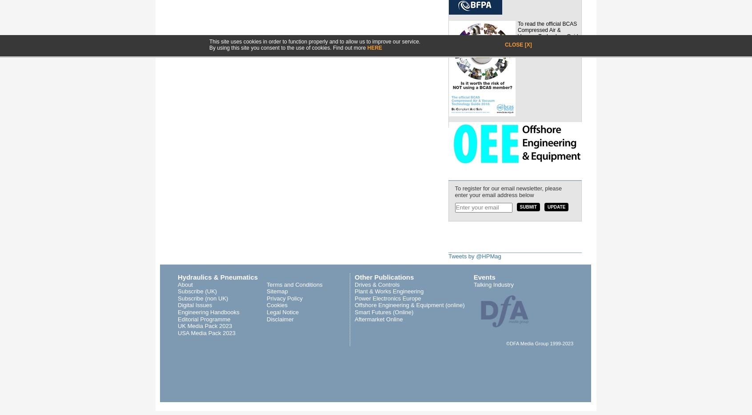  Describe the element at coordinates (508, 191) in the screenshot. I see `'To register for our email newsletter, please enter your email address below'` at that location.